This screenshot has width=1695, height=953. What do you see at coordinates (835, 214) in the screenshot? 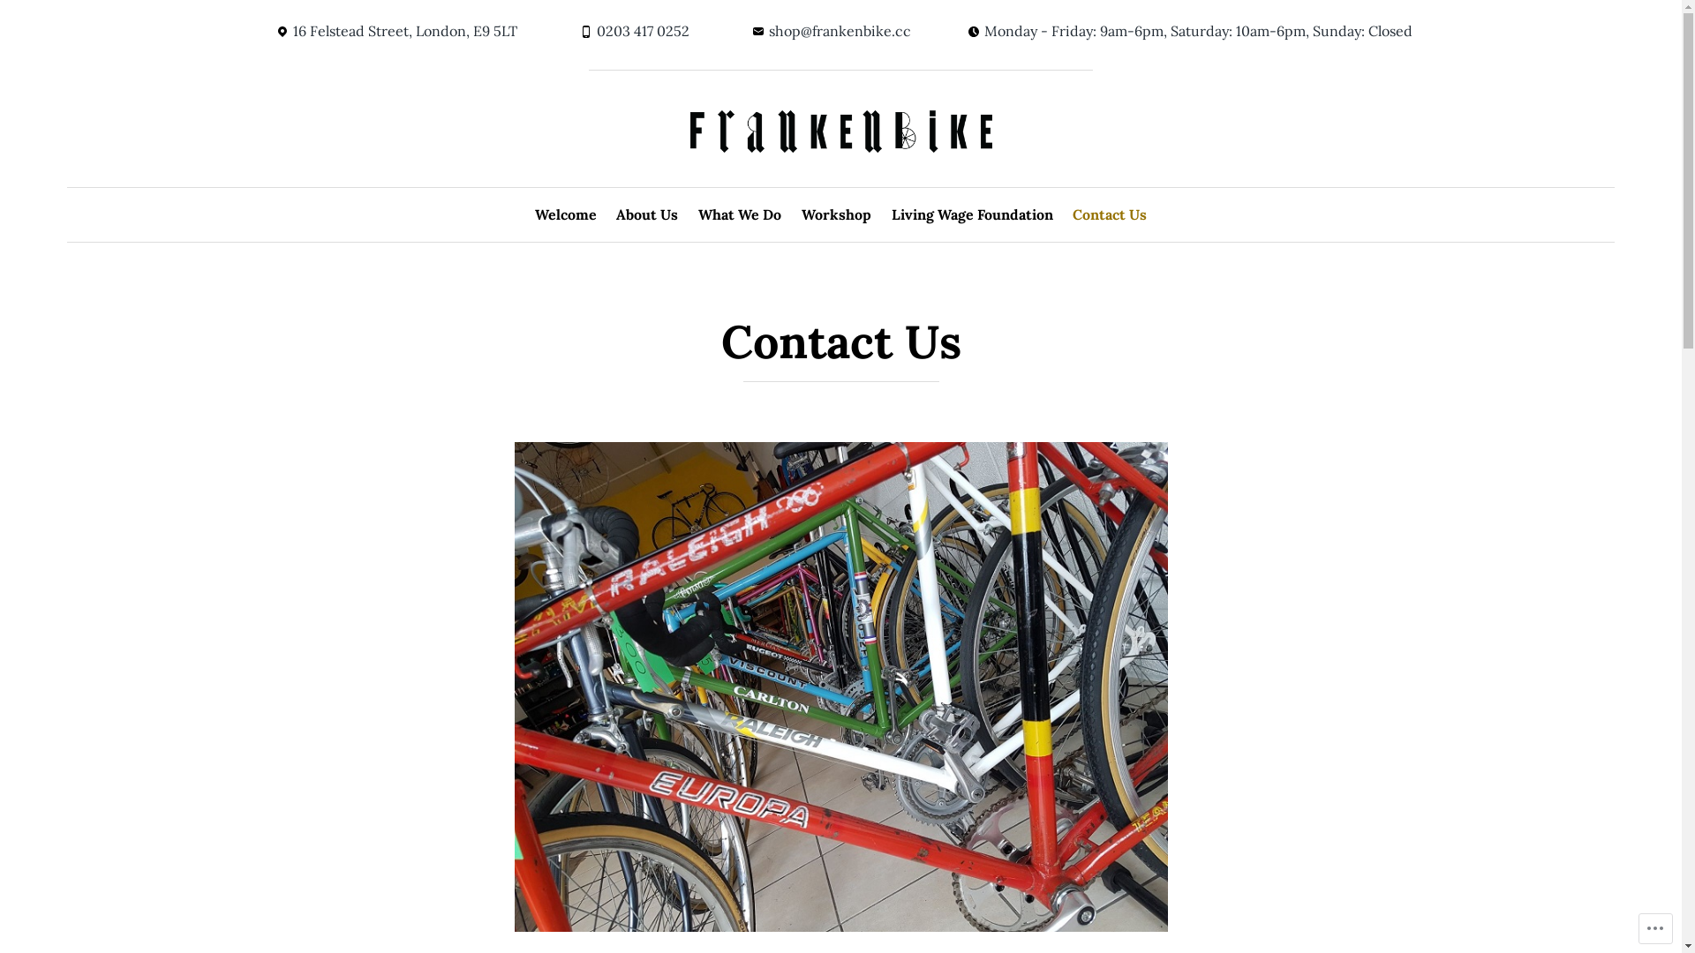
I see `'Workshop'` at bounding box center [835, 214].